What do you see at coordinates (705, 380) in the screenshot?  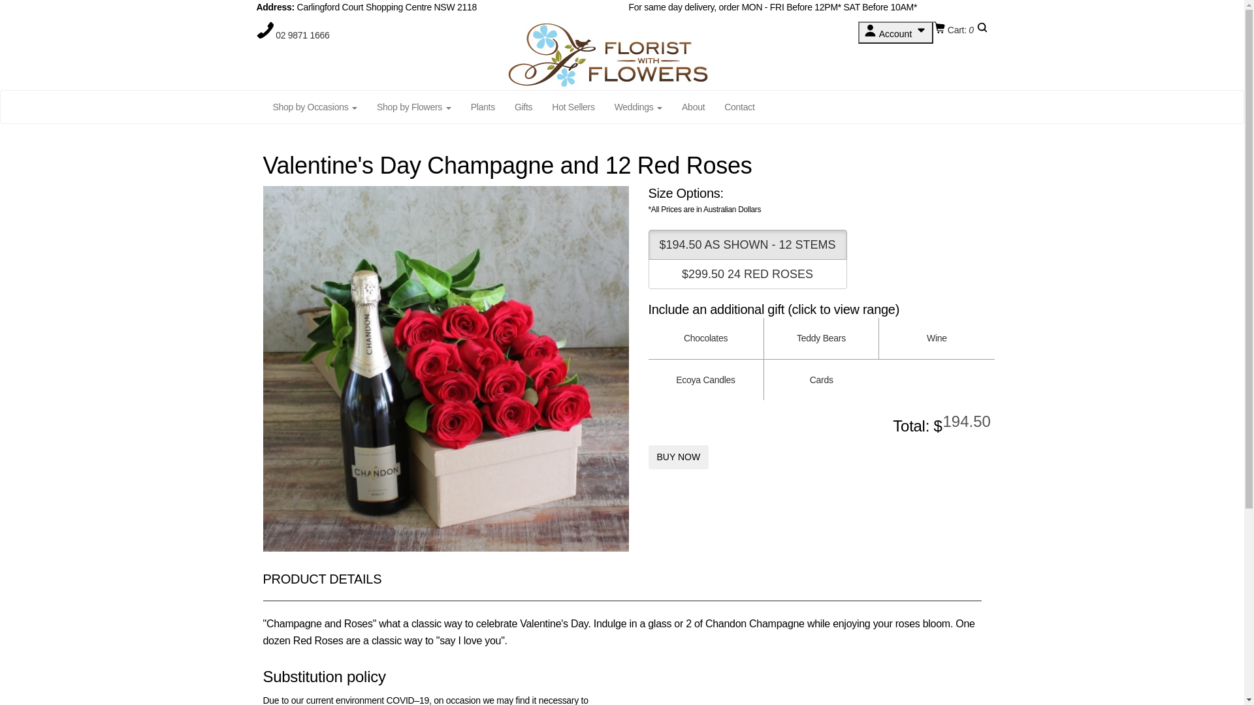 I see `'Ecoya Candles'` at bounding box center [705, 380].